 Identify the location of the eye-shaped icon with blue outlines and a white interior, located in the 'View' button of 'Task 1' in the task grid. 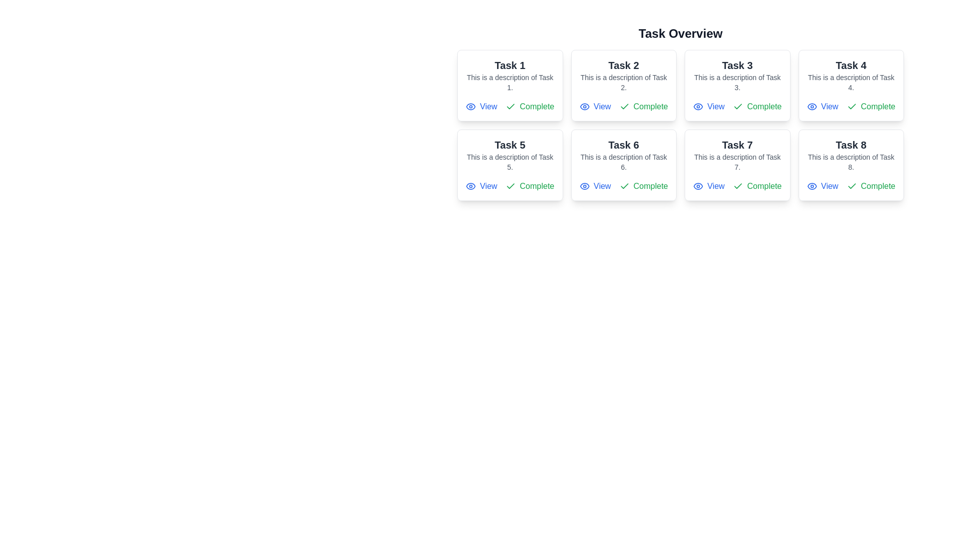
(470, 107).